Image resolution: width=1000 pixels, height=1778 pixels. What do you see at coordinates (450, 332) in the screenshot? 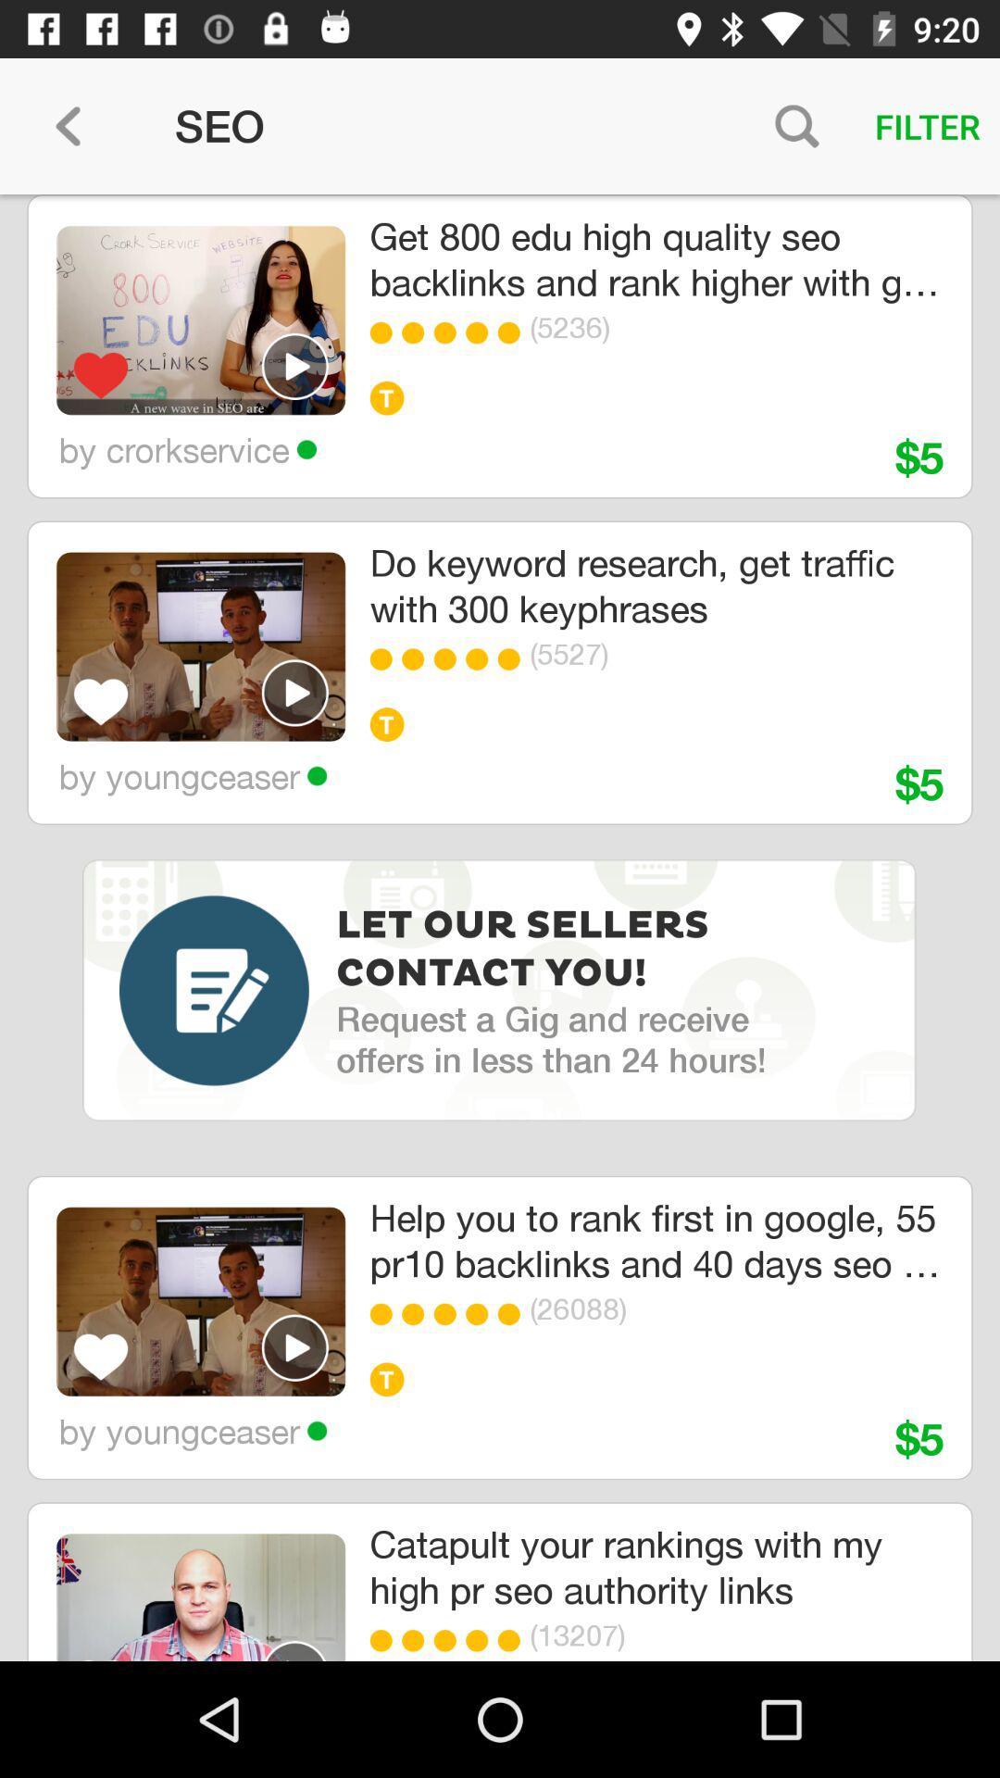
I see `item above the do keyword research` at bounding box center [450, 332].